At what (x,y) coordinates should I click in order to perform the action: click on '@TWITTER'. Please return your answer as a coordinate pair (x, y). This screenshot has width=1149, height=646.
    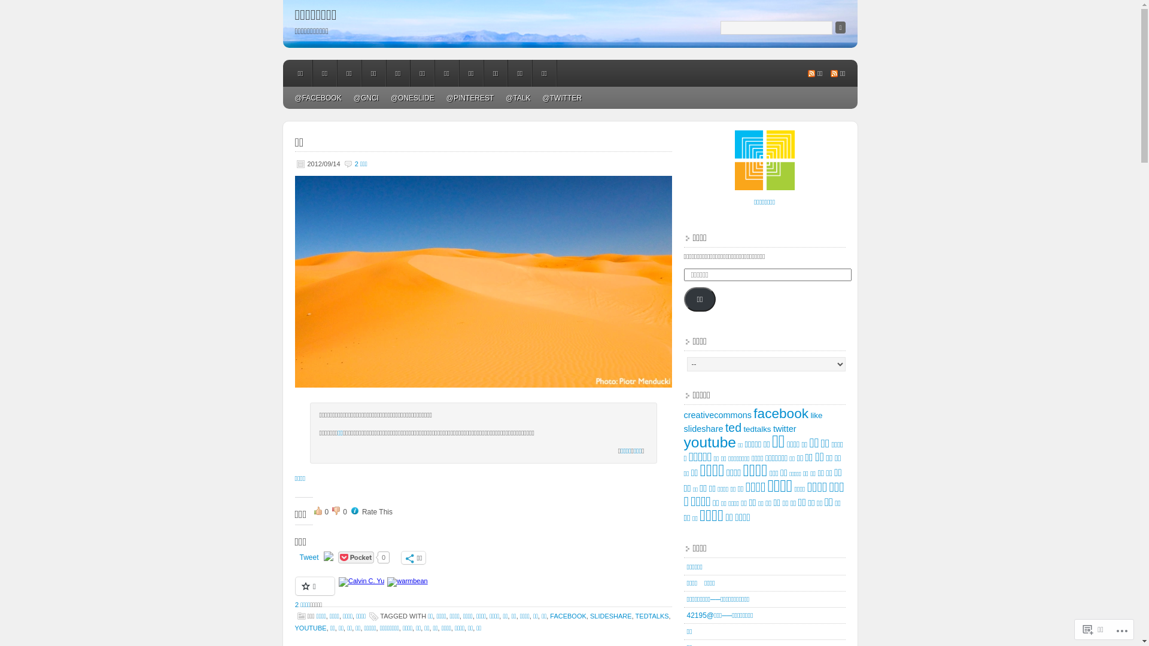
    Looking at the image, I should click on (562, 97).